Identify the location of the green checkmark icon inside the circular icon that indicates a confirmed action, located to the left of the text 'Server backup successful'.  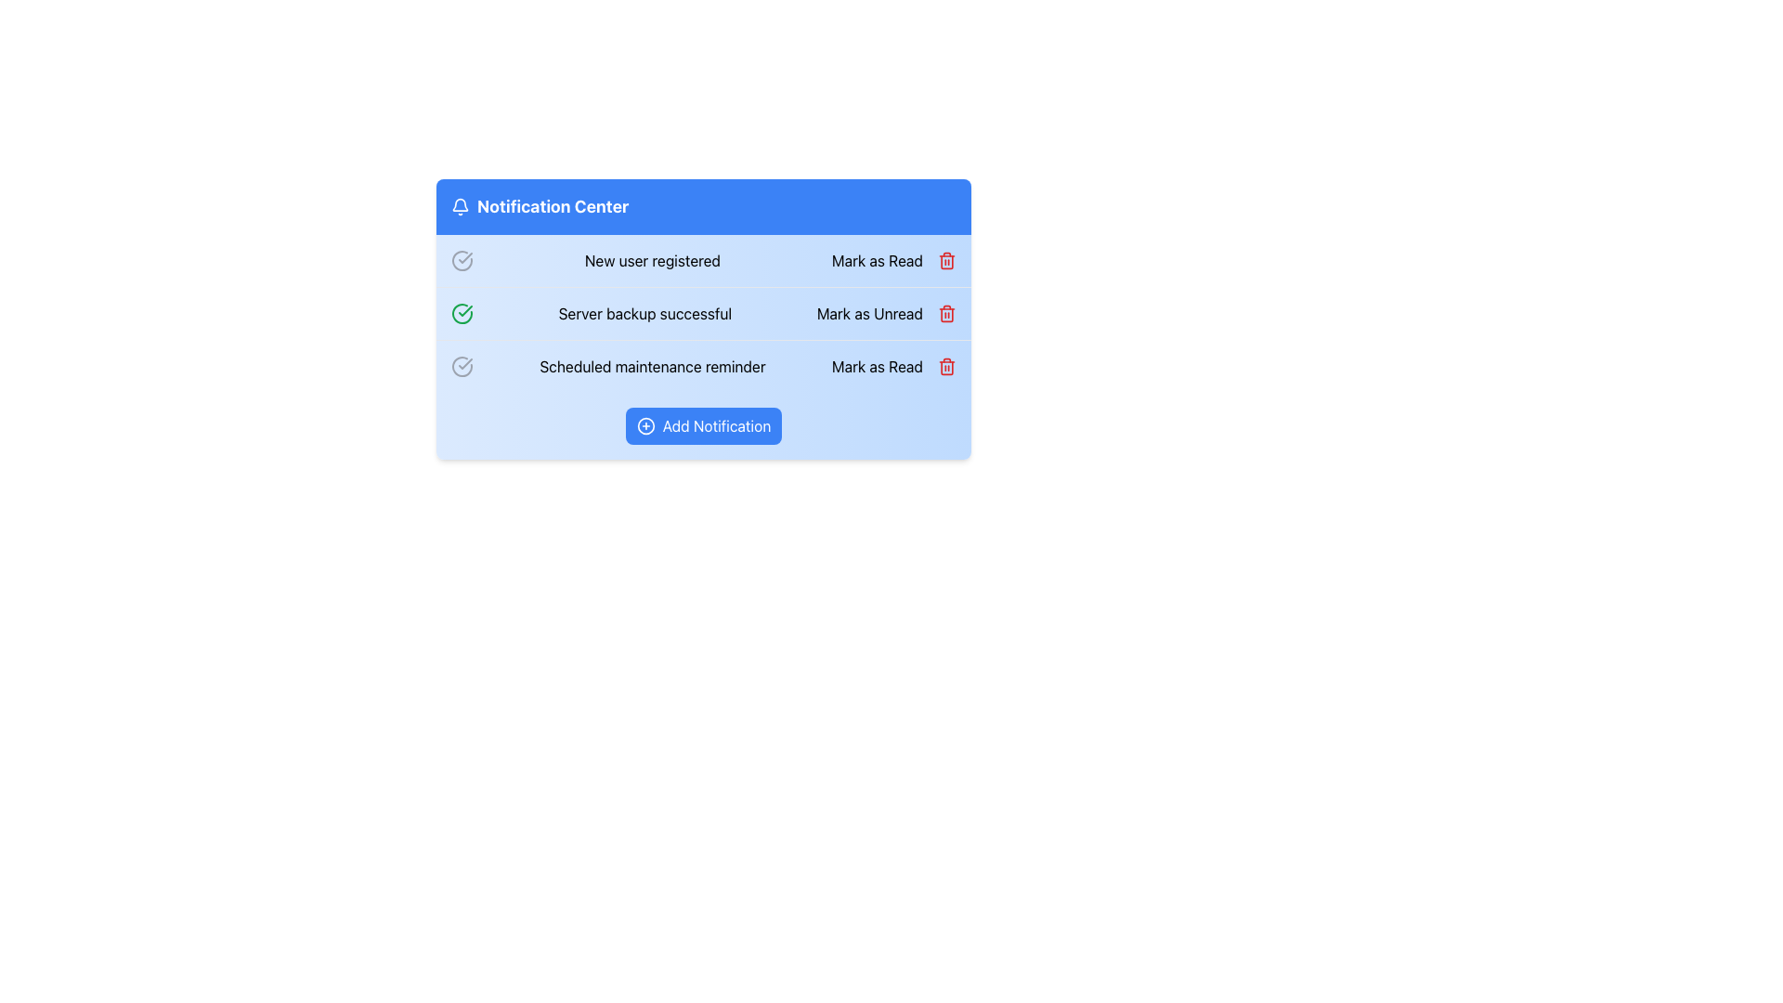
(465, 310).